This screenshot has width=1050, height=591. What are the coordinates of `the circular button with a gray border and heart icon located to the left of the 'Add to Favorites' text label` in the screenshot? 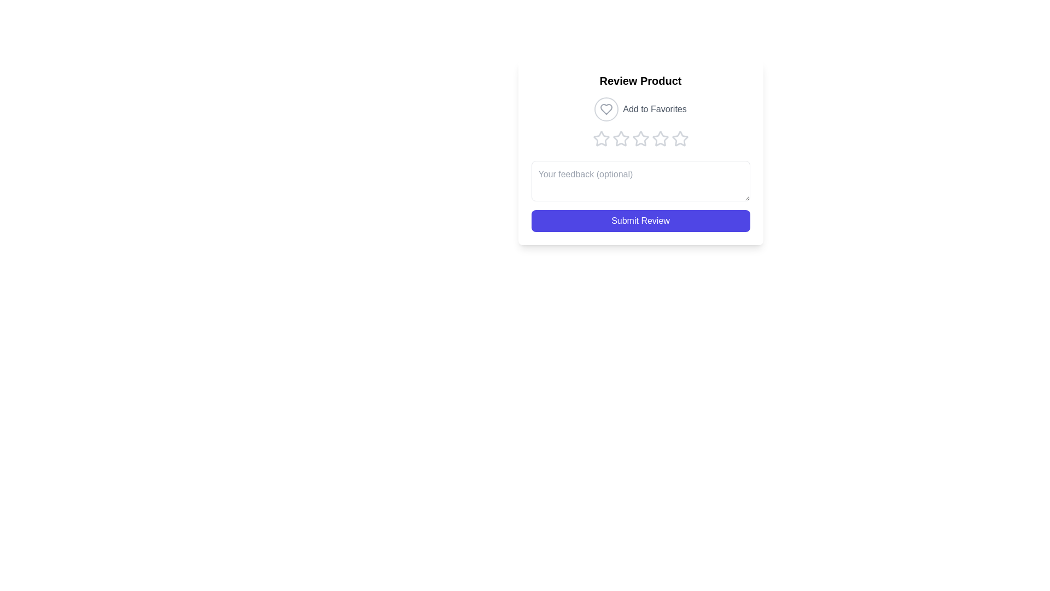 It's located at (606, 109).